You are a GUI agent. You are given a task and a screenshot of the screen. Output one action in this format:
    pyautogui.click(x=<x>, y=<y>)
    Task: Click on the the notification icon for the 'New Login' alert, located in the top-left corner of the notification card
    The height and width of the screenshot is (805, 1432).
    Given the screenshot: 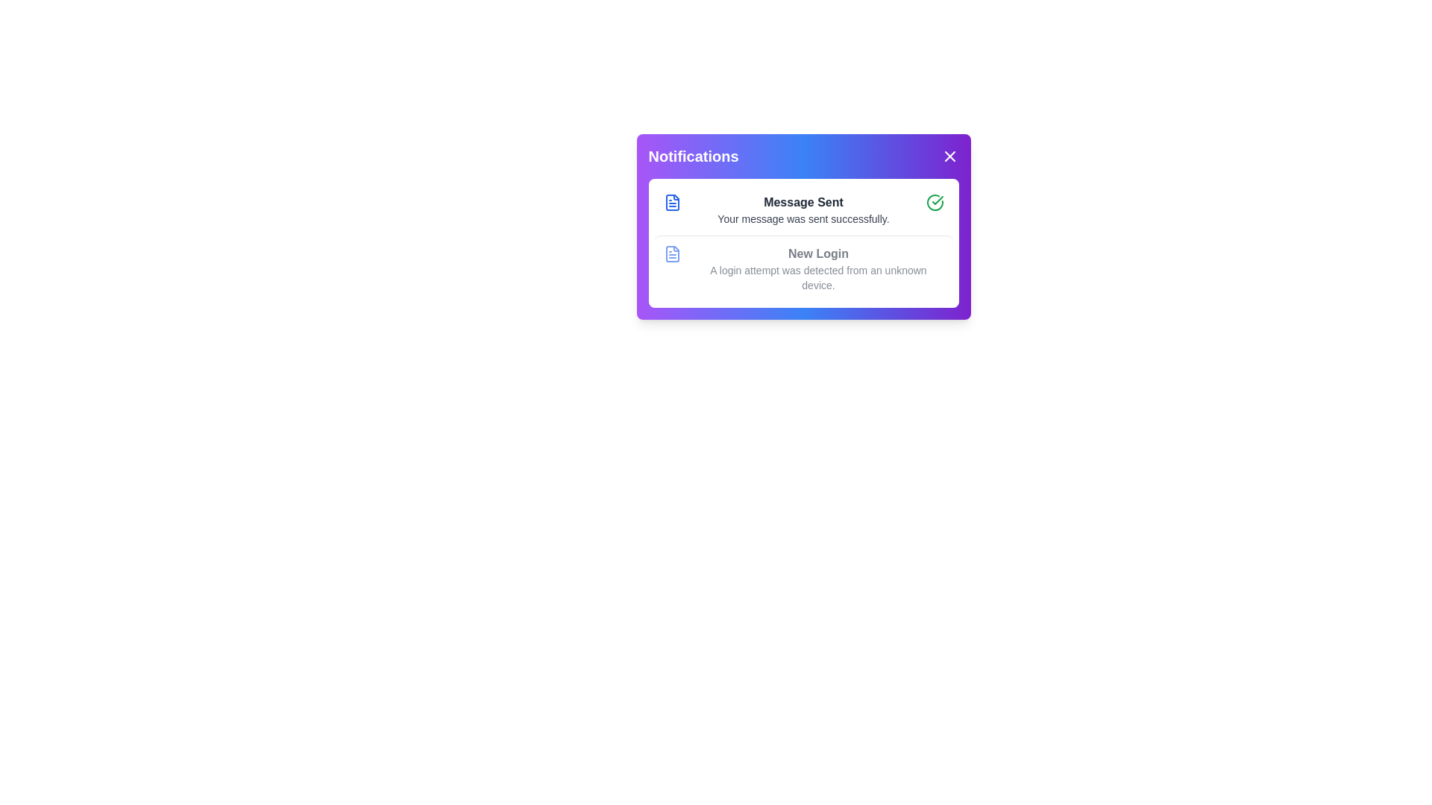 What is the action you would take?
    pyautogui.click(x=671, y=253)
    